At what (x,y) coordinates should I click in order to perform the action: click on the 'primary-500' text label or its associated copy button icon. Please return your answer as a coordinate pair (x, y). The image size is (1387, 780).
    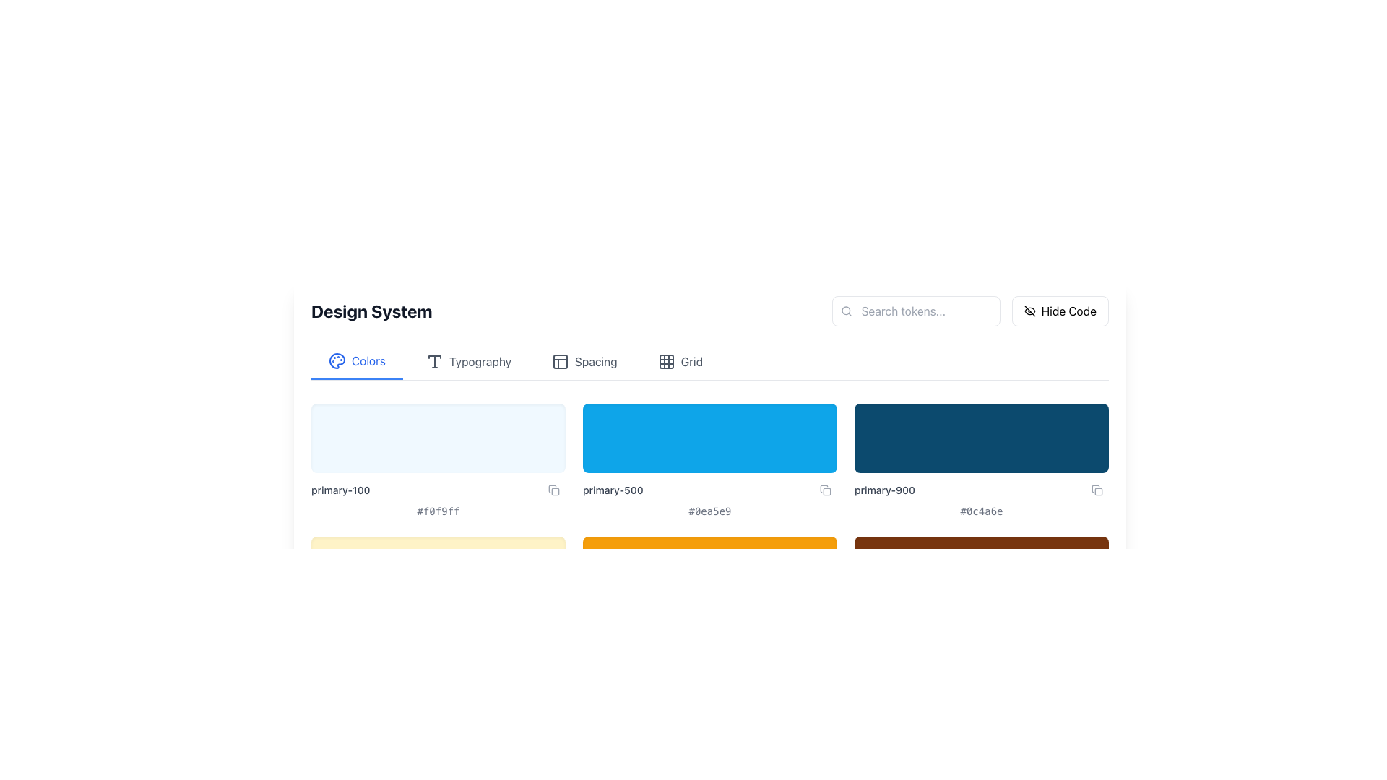
    Looking at the image, I should click on (710, 489).